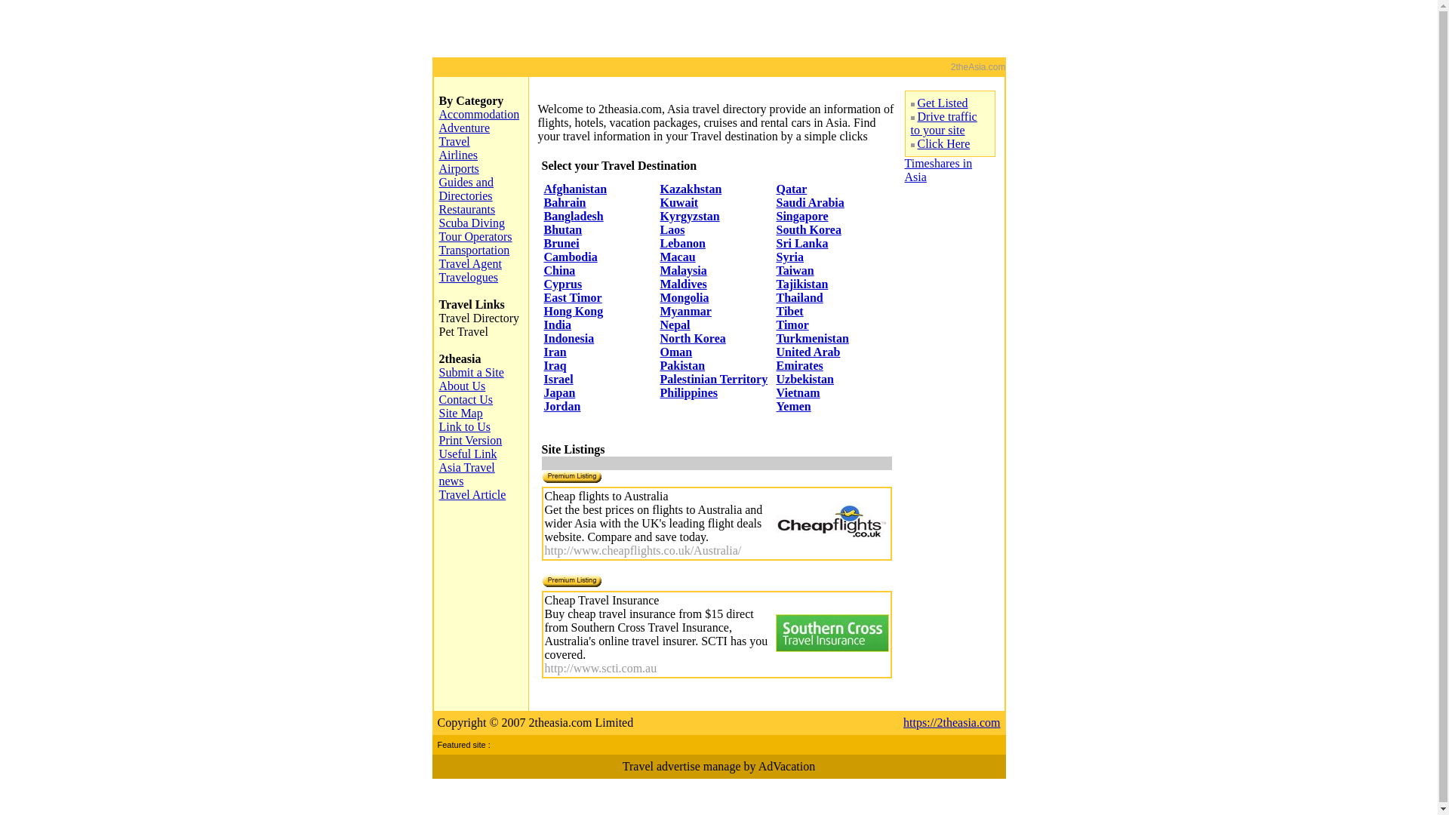 The height and width of the screenshot is (815, 1449). Describe the element at coordinates (807, 358) in the screenshot. I see `'United Arab Emirates'` at that location.